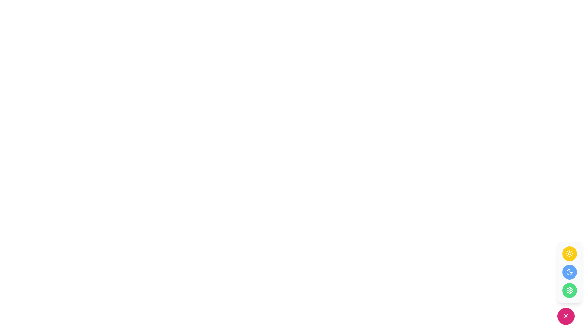  What do you see at coordinates (569, 272) in the screenshot?
I see `the nighttime mode toggle button with a crescent moon icon` at bounding box center [569, 272].